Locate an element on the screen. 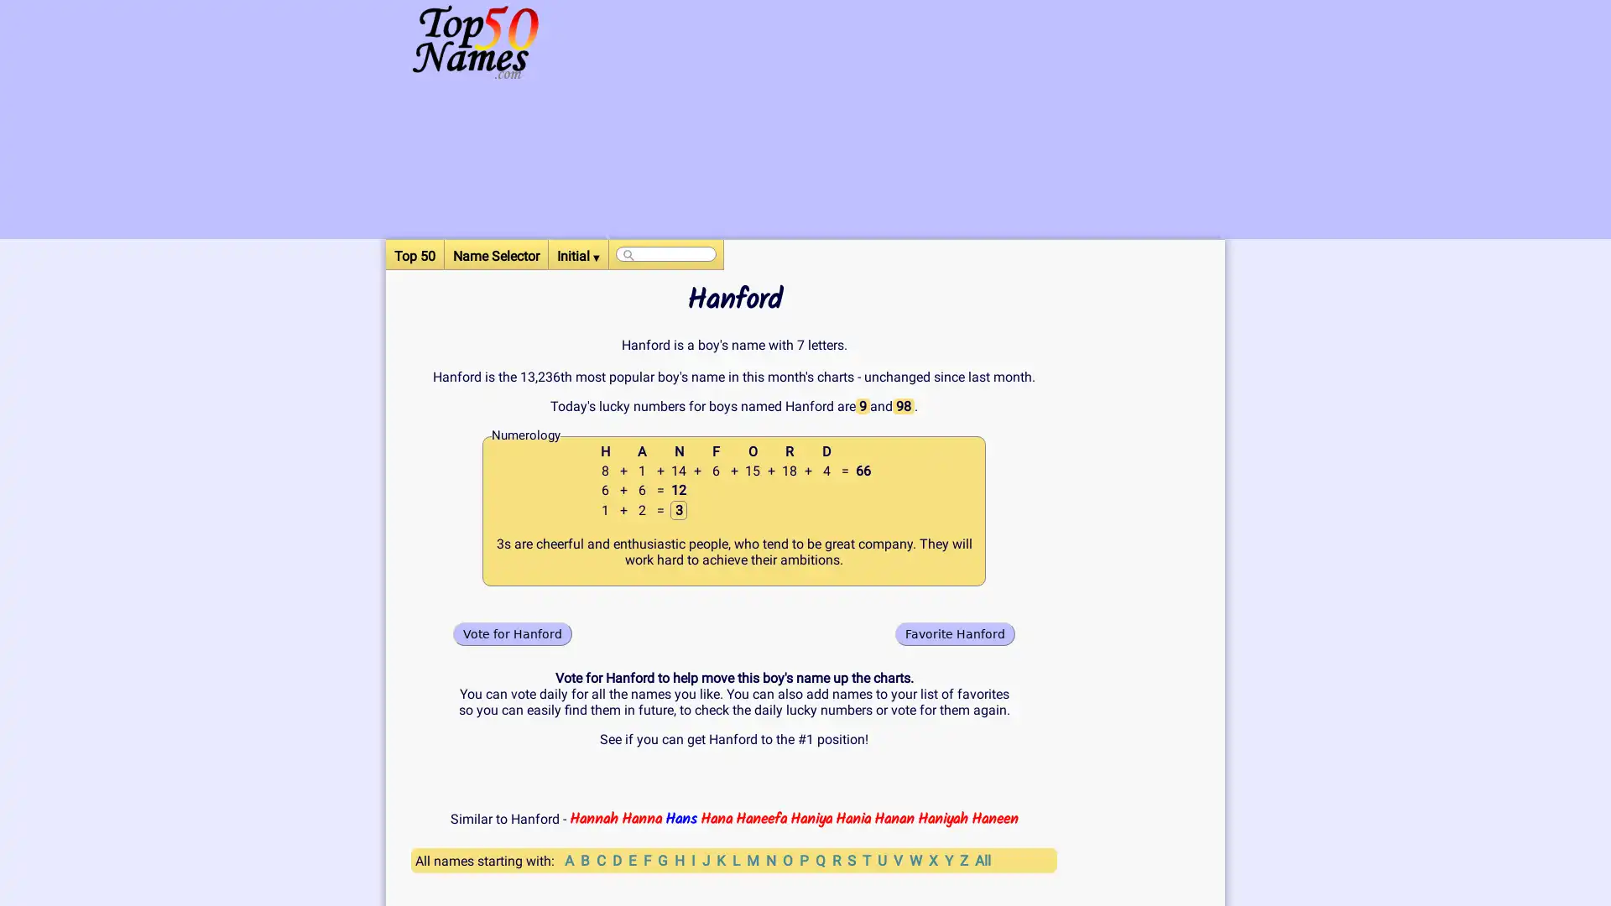  Favorite Hanford is located at coordinates (955, 633).